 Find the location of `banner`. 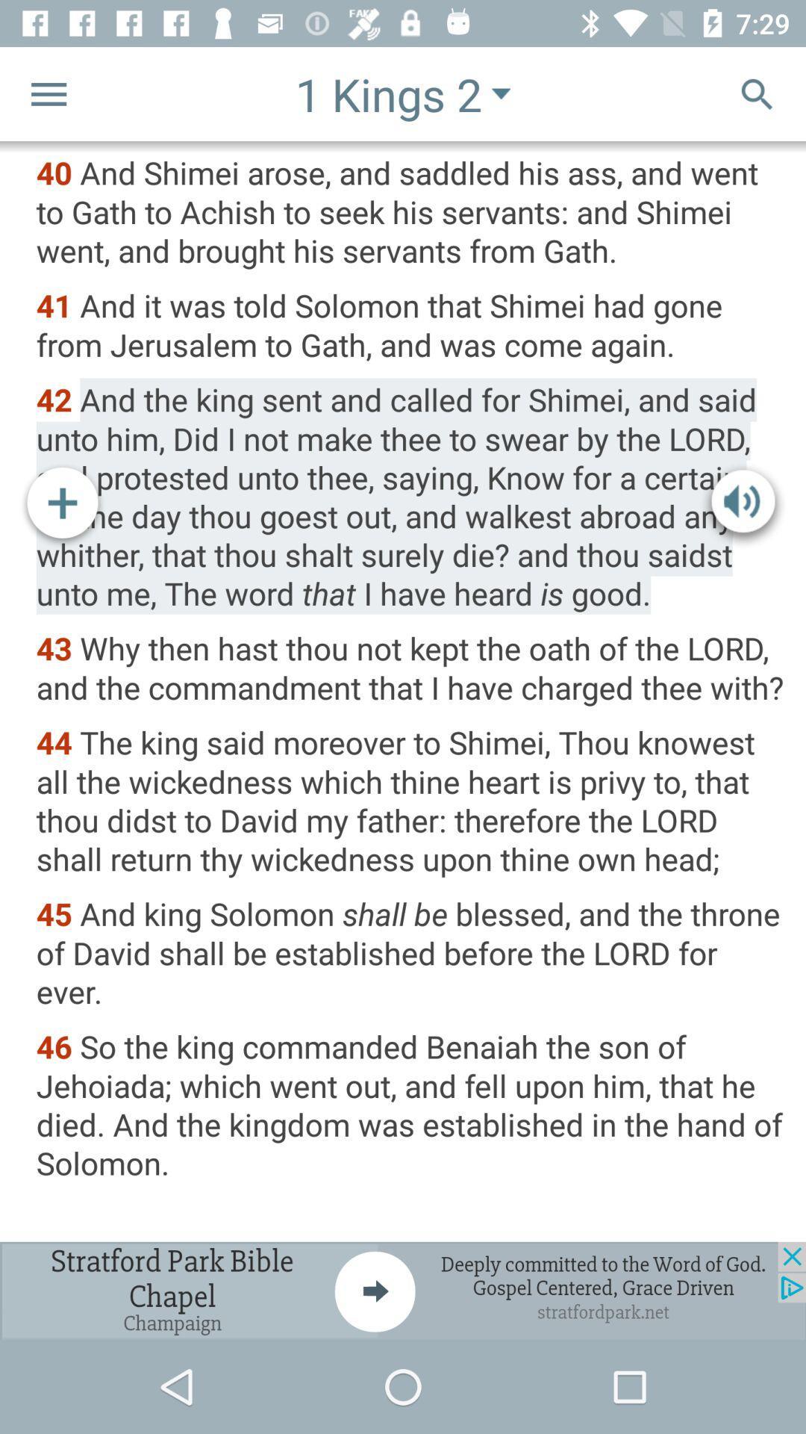

banner is located at coordinates (403, 1290).